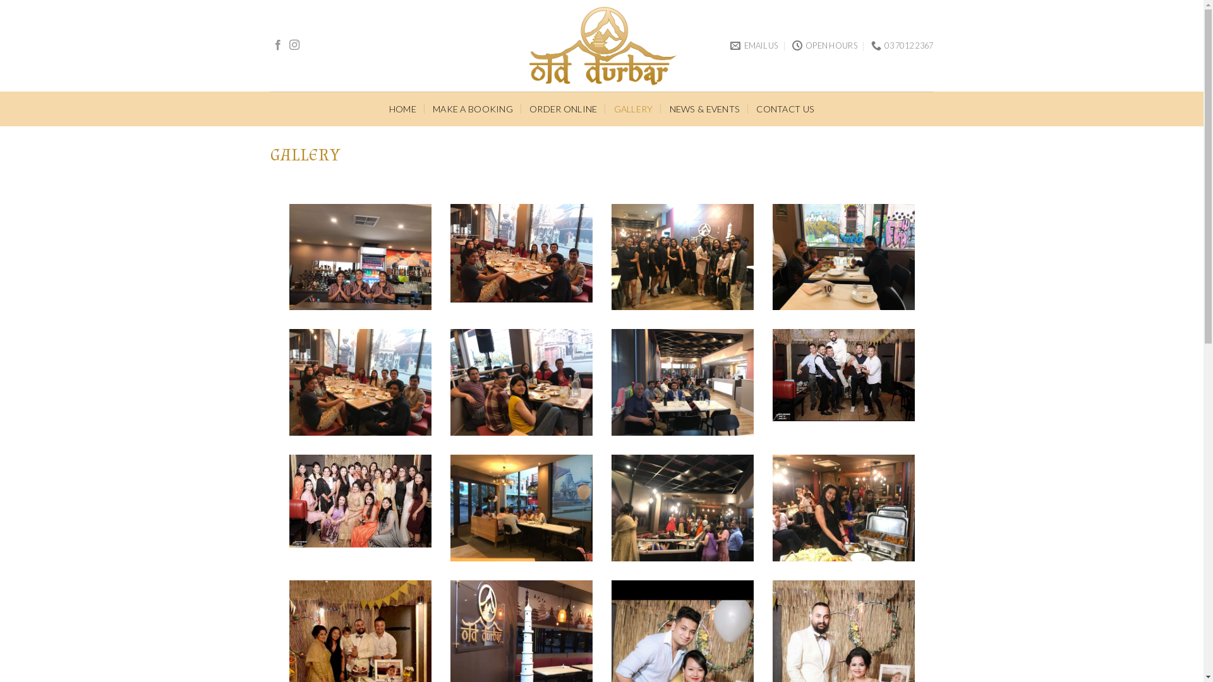 This screenshot has height=682, width=1213. I want to click on 'OPEN HOURS', so click(824, 45).